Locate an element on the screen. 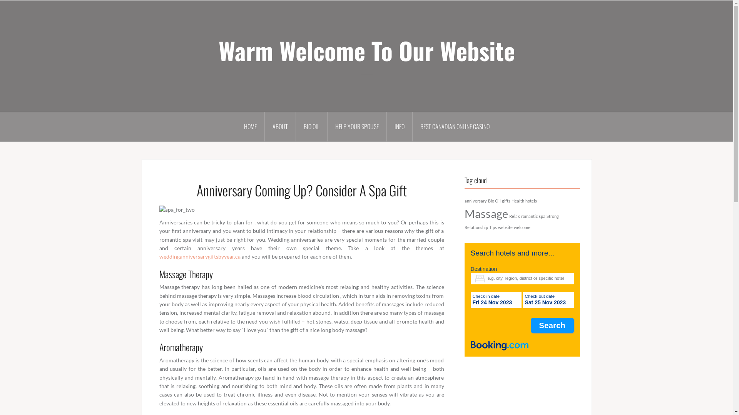  'Warm Welcome To Our Website' is located at coordinates (218, 50).